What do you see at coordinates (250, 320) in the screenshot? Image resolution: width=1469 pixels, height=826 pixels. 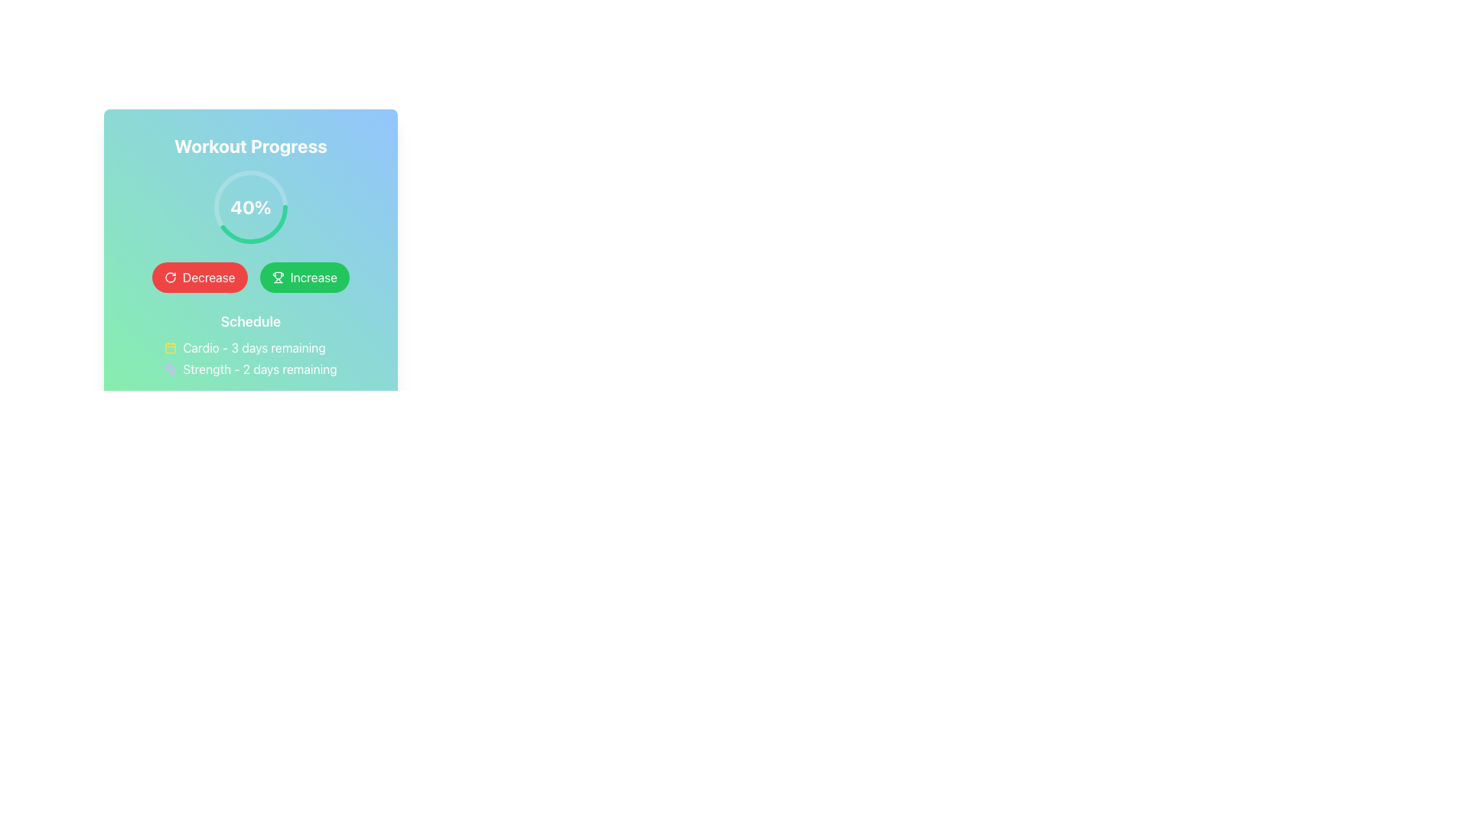 I see `text label located in the 'Workout Progress' section, positioned centrally below the 'Decrease' and 'Increase' buttons` at bounding box center [250, 320].